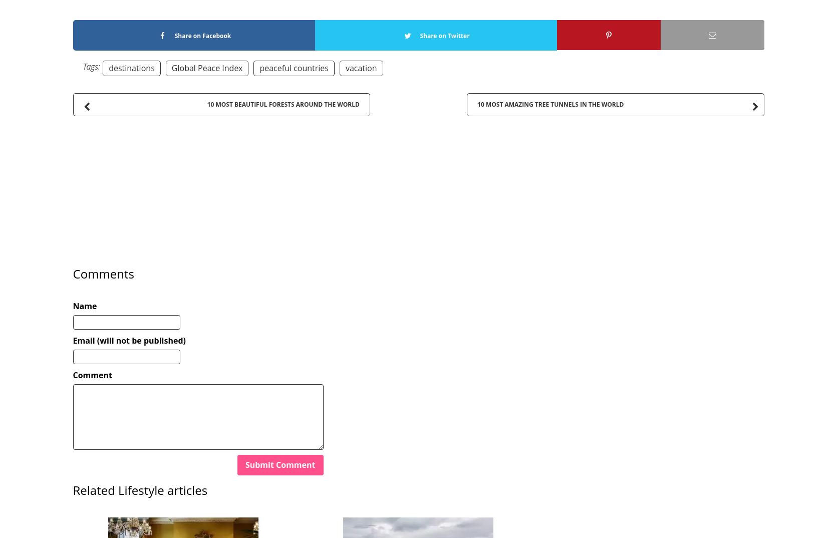  Describe the element at coordinates (109, 67) in the screenshot. I see `'destinations'` at that location.